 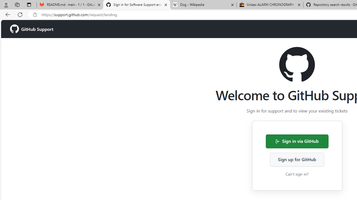 I want to click on 'Dog - Wikipedia', so click(x=203, y=5).